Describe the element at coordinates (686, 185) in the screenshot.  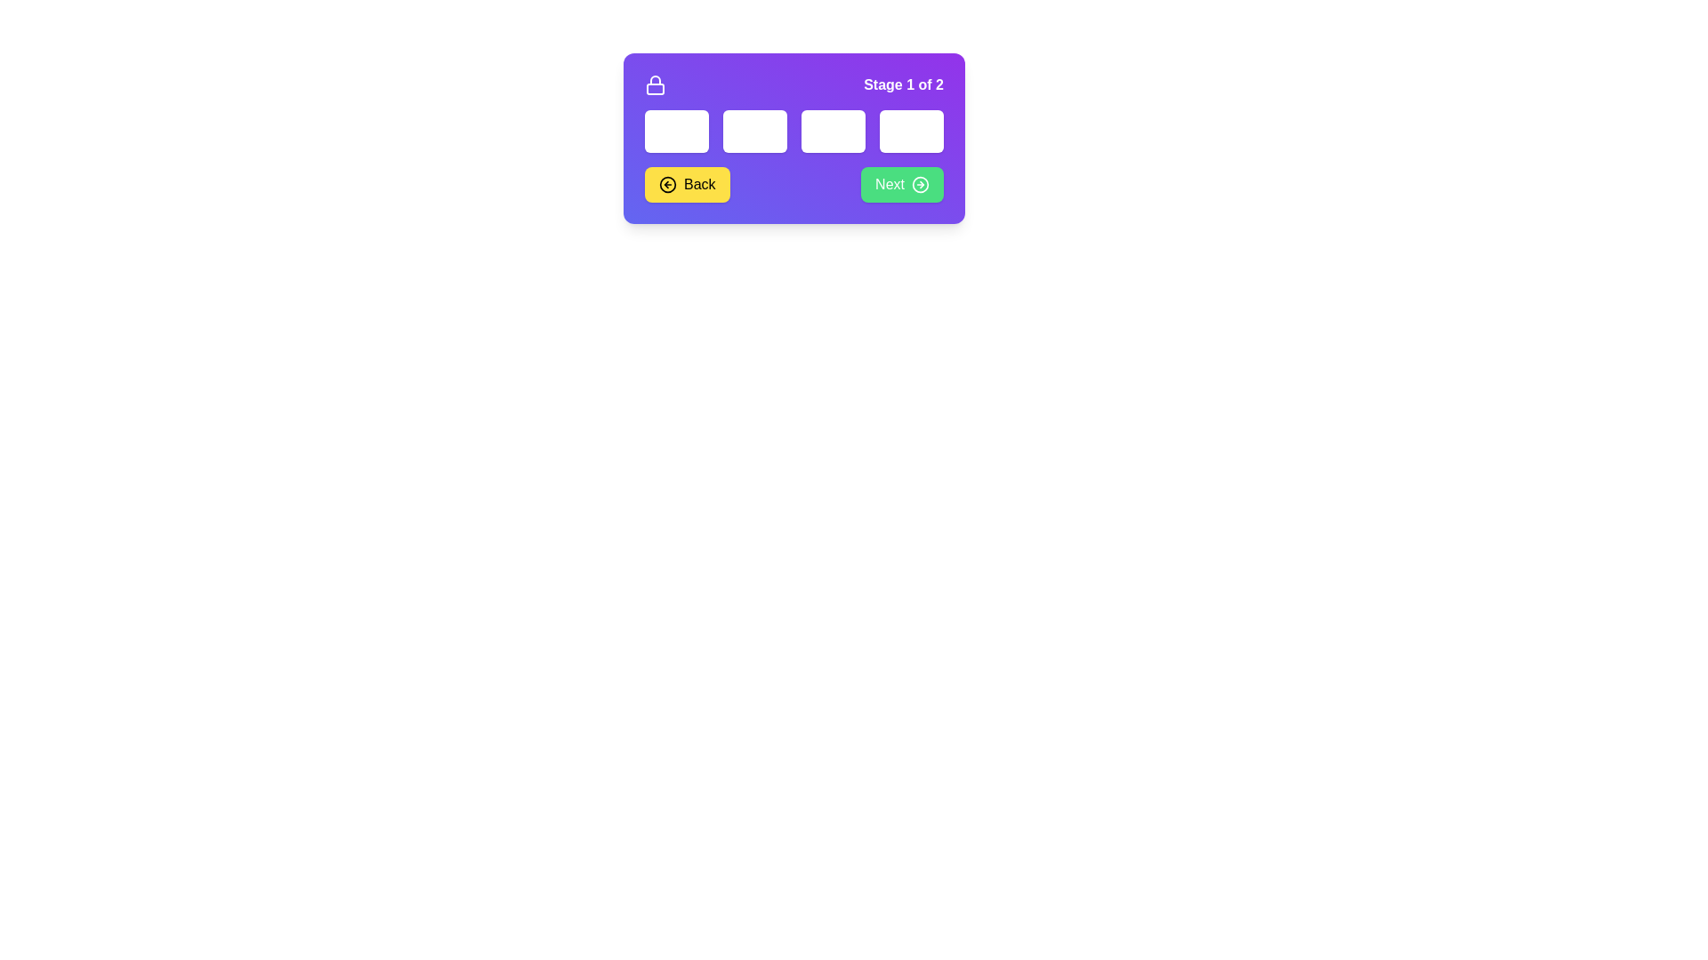
I see `the 'Back' button located at the bottom left of the purple interface panel` at that location.